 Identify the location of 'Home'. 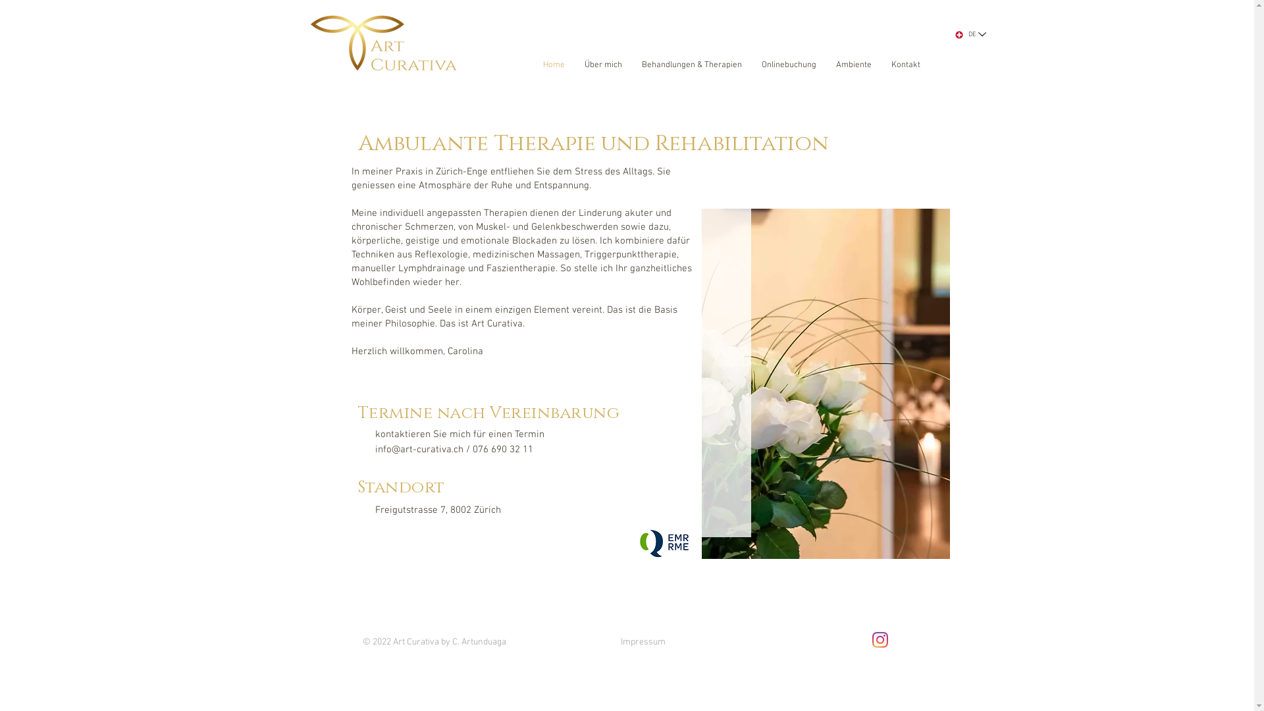
(554, 65).